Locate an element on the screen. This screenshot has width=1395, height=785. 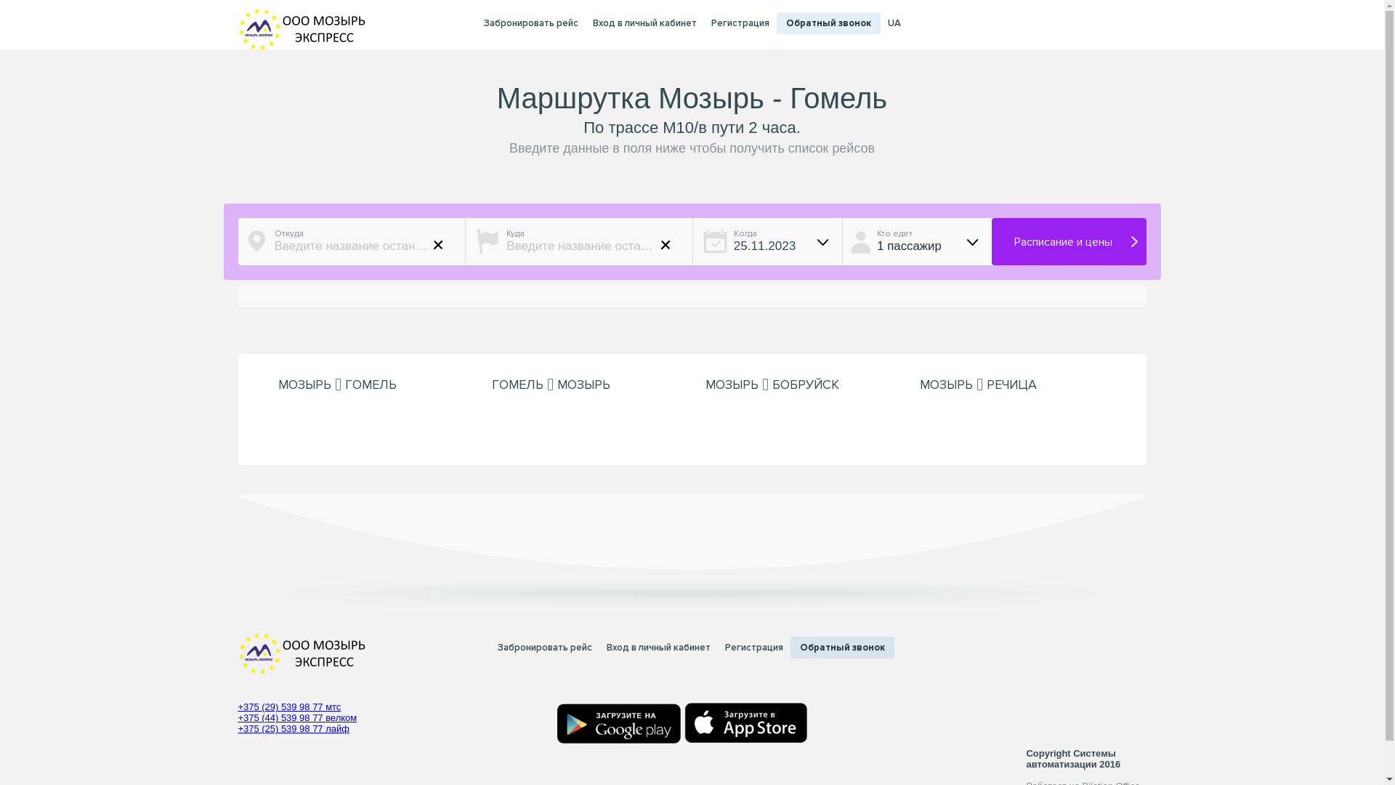
'UA' is located at coordinates (893, 23).